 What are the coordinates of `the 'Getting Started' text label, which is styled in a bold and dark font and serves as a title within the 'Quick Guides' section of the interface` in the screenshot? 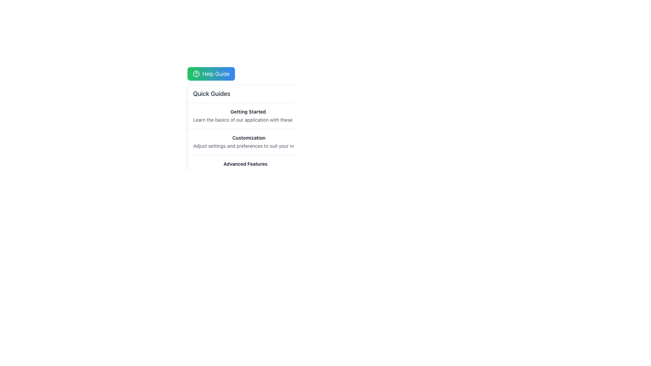 It's located at (248, 111).